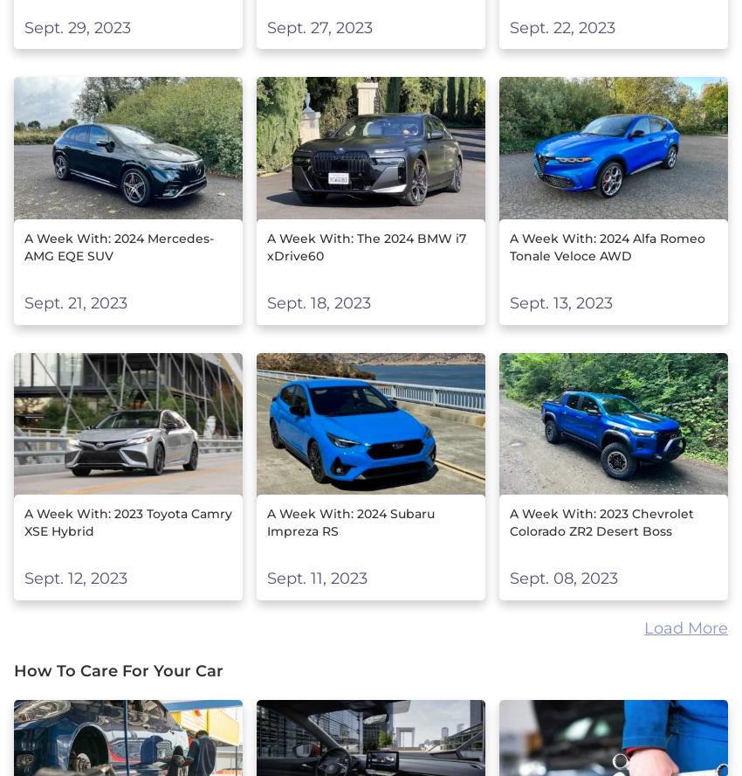 The height and width of the screenshot is (776, 742). Describe the element at coordinates (315, 578) in the screenshot. I see `'Sept. 11, 2023'` at that location.